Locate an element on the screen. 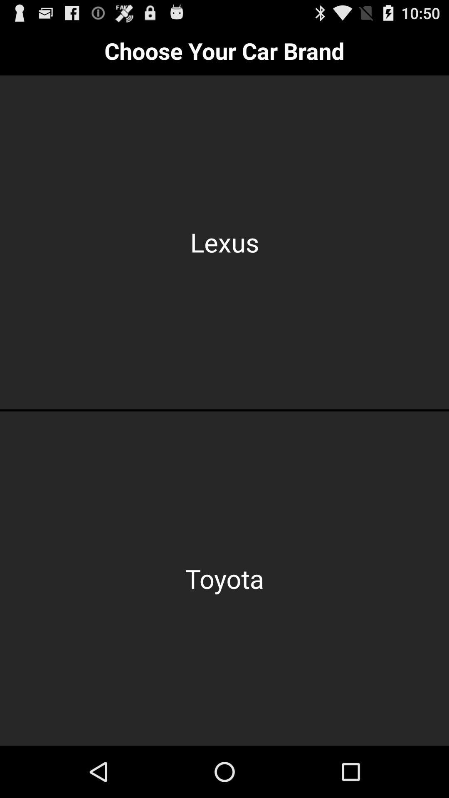  lexus is located at coordinates (224, 242).